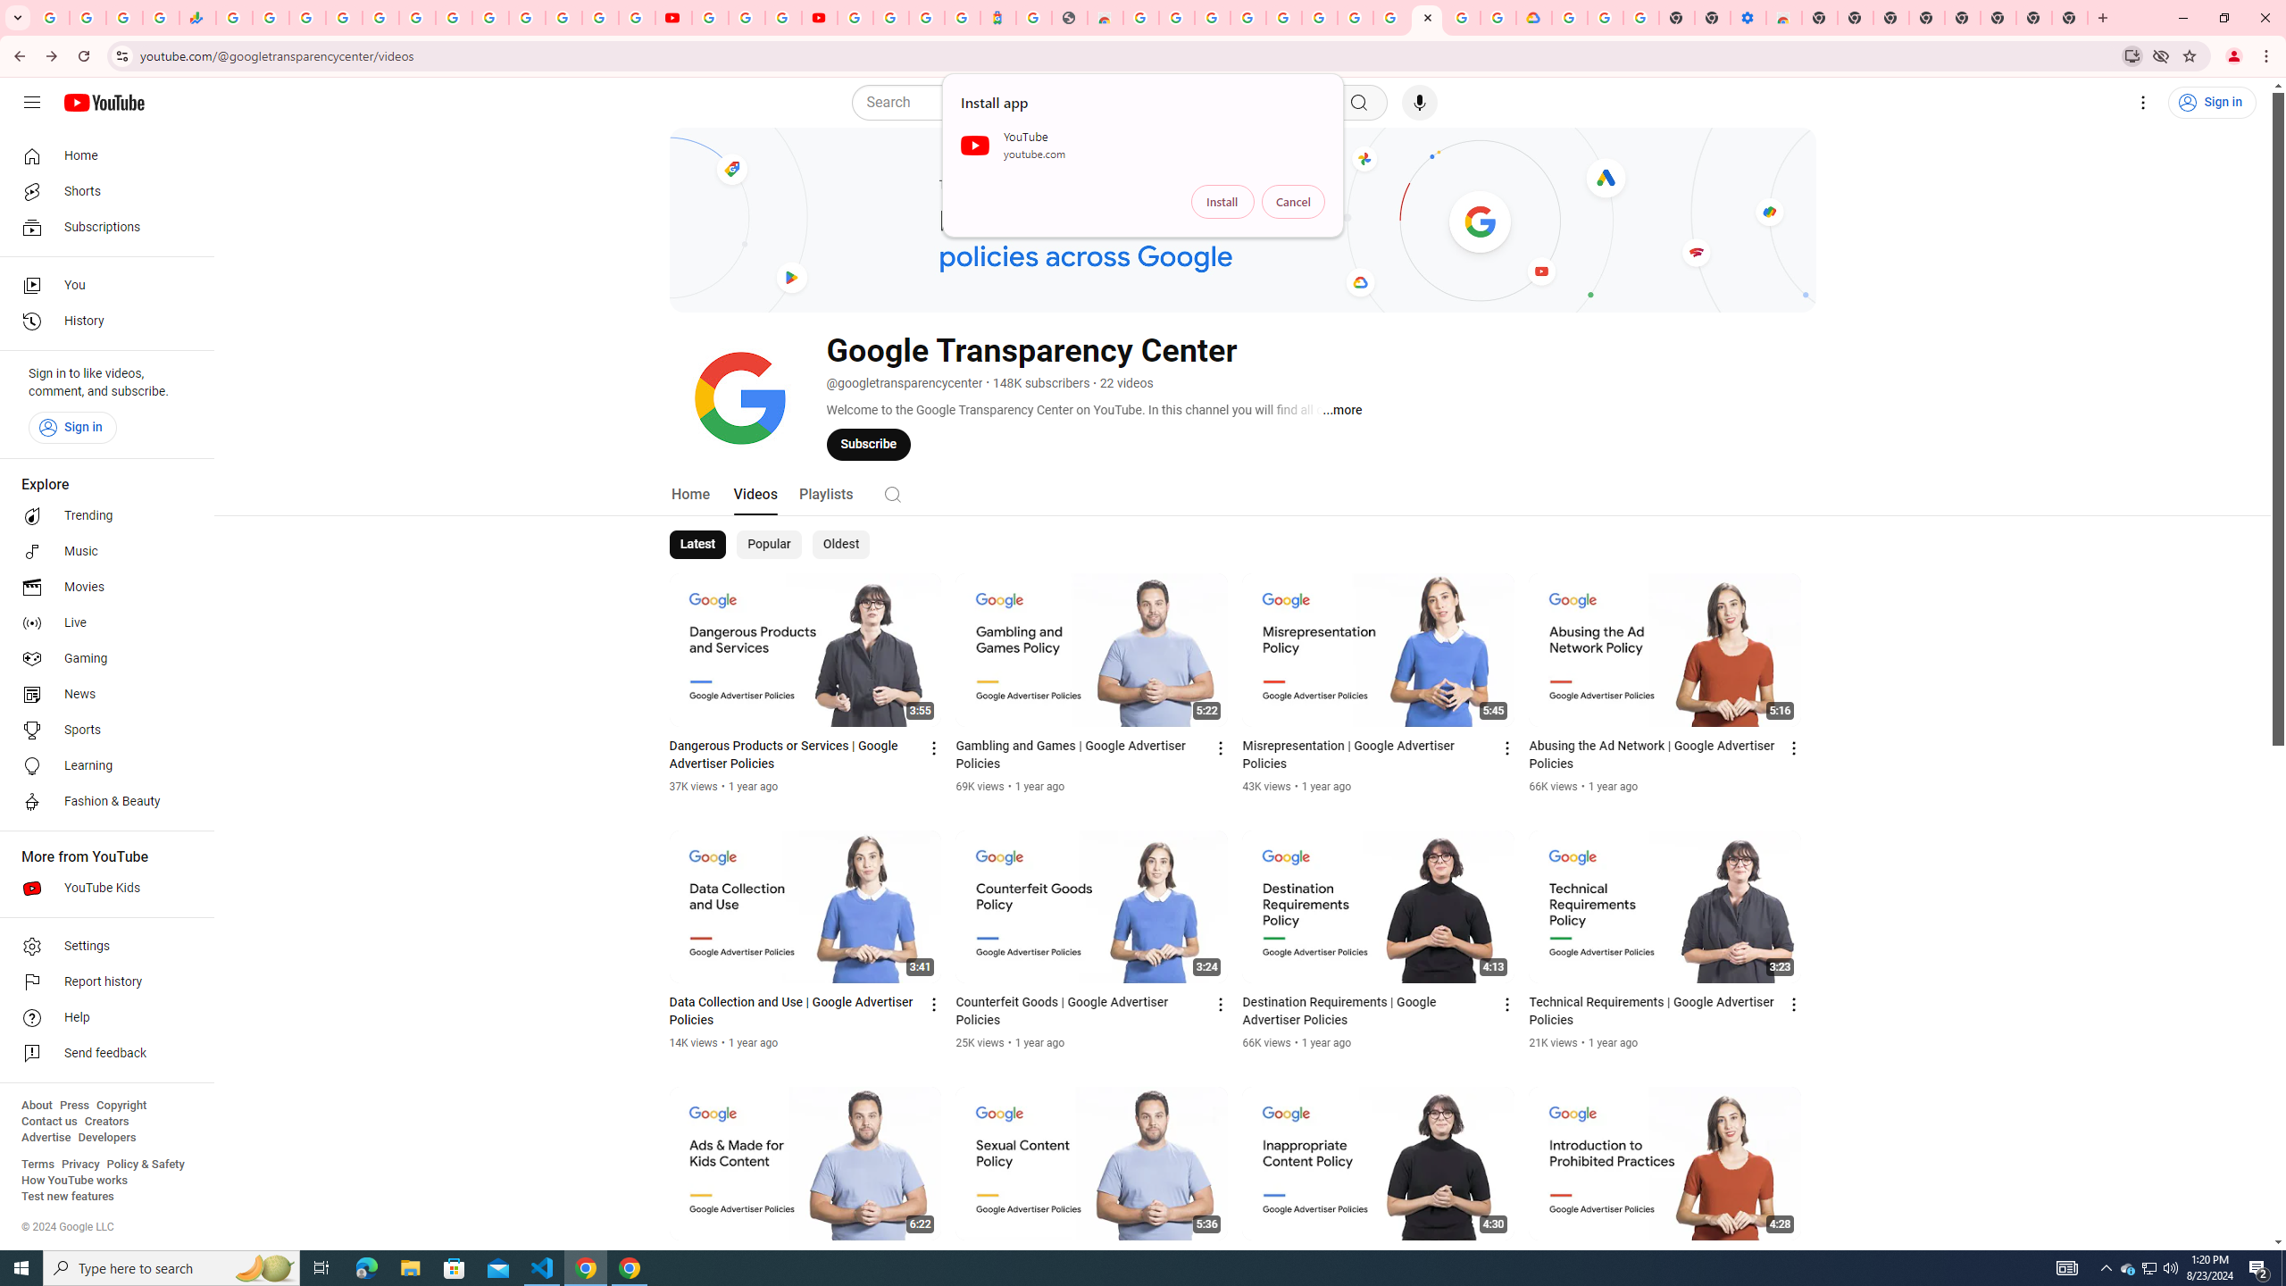  What do you see at coordinates (36, 1105) in the screenshot?
I see `'About'` at bounding box center [36, 1105].